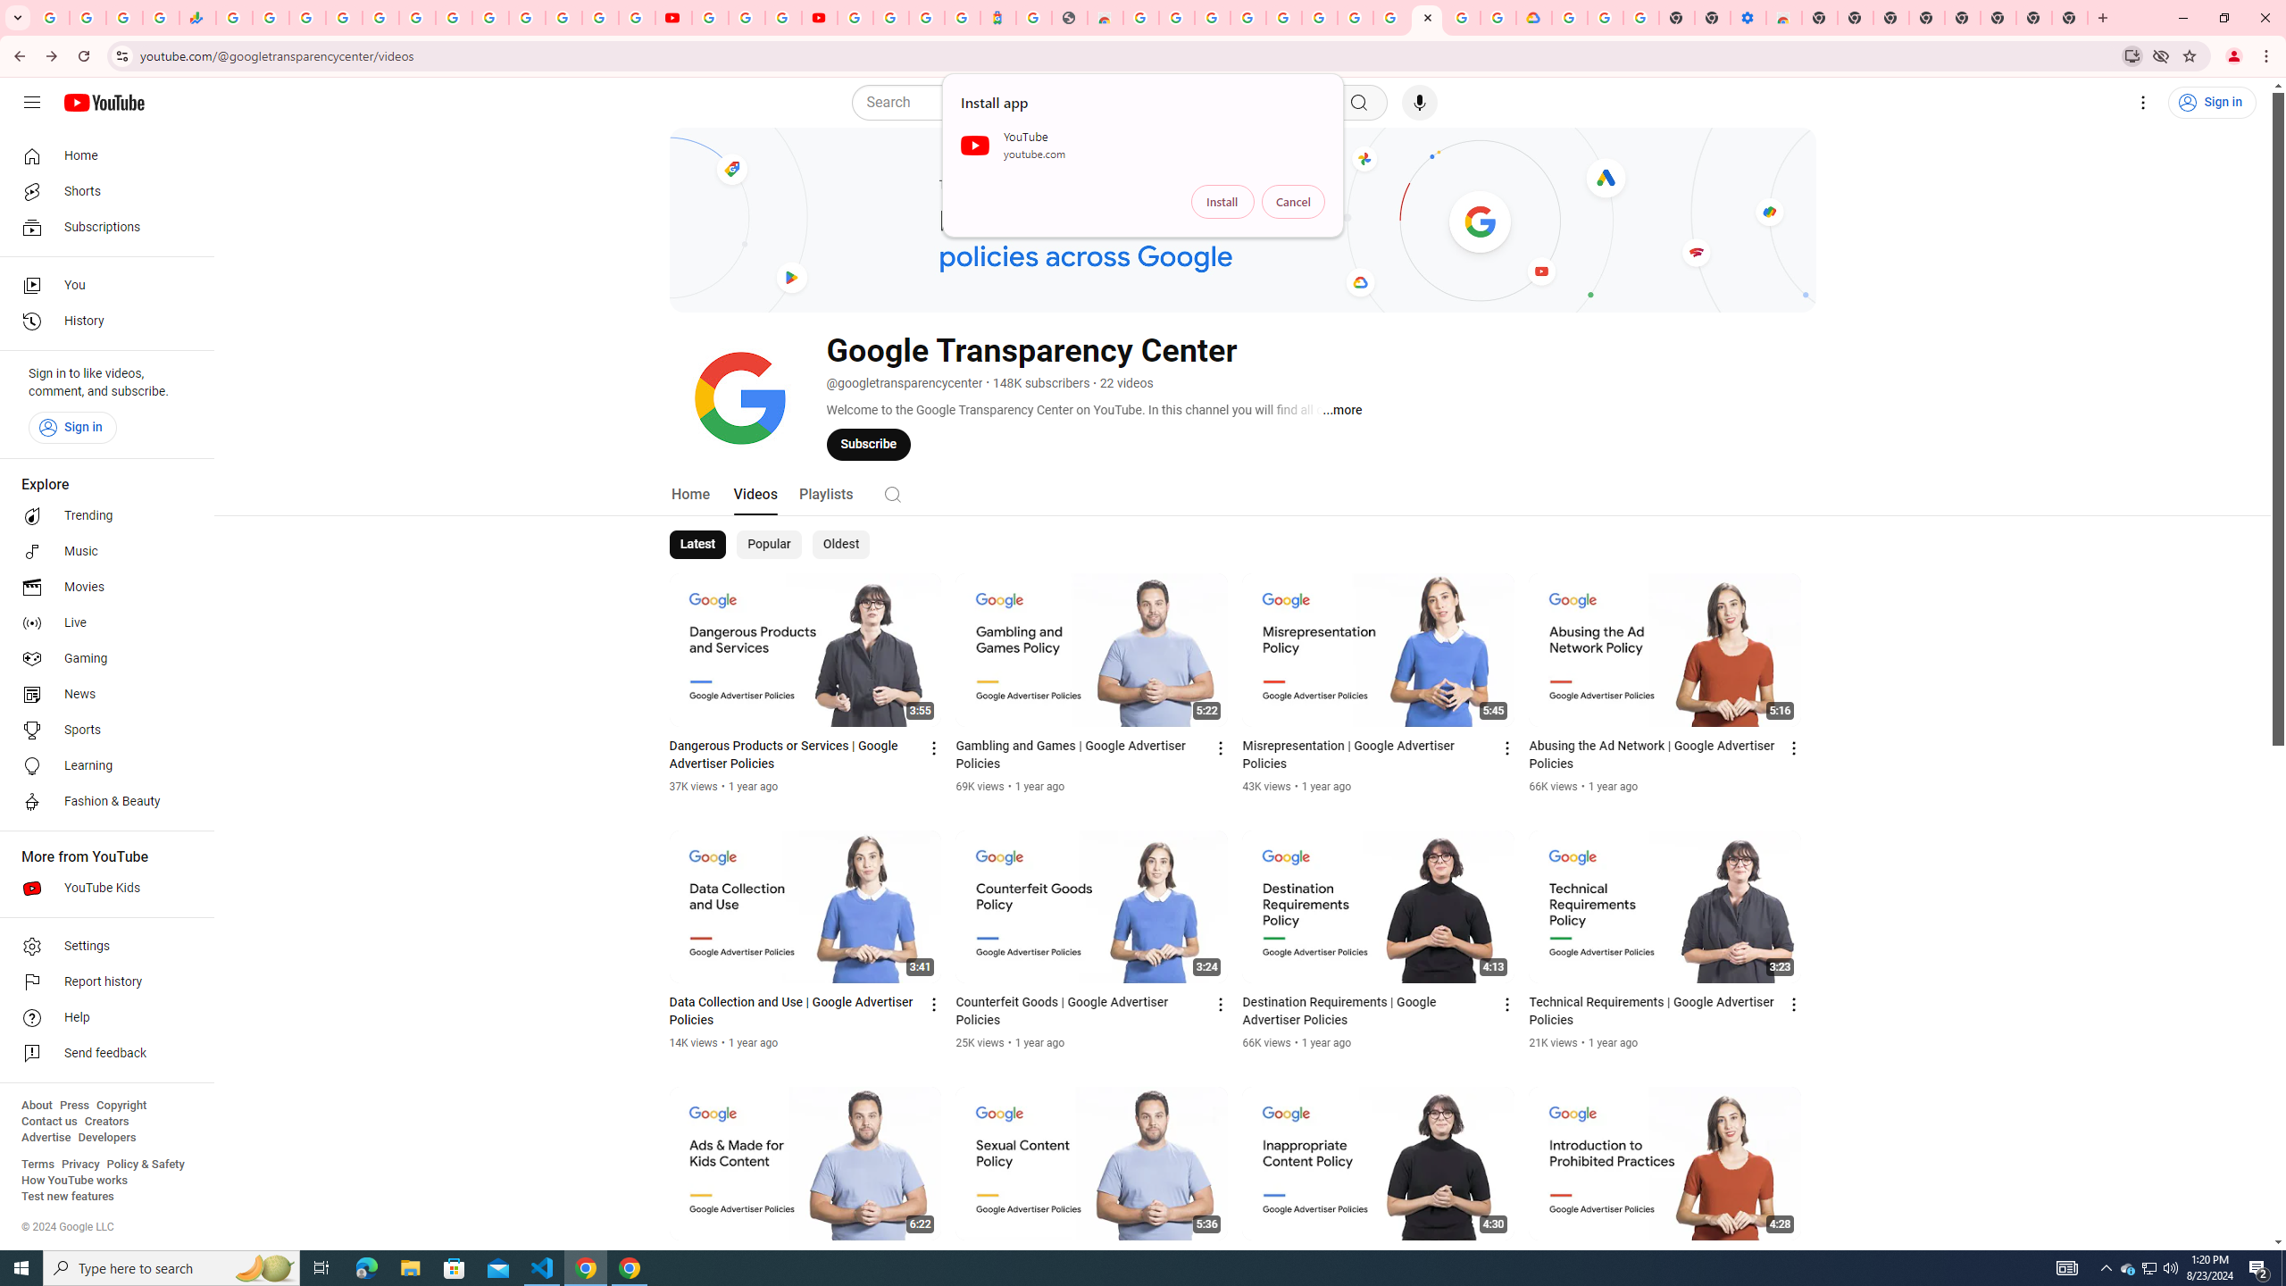  What do you see at coordinates (36, 1105) in the screenshot?
I see `'About'` at bounding box center [36, 1105].